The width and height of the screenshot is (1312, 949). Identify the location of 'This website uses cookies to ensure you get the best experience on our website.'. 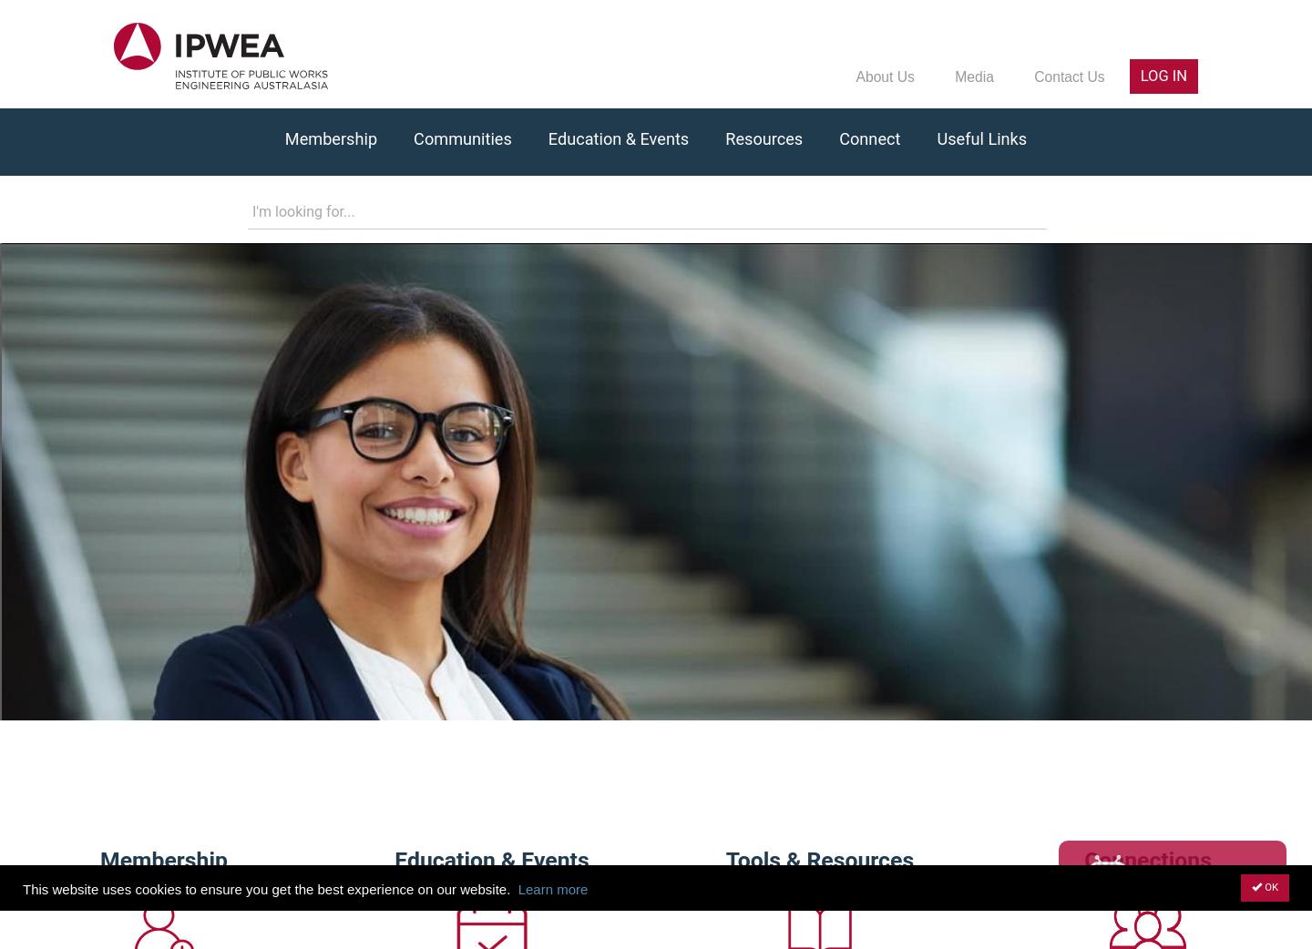
(265, 888).